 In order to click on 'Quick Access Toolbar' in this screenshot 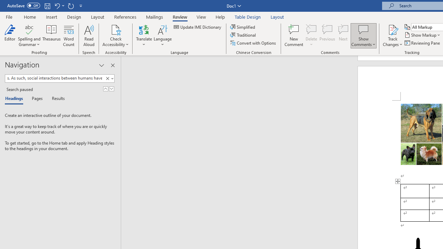, I will do `click(45, 6)`.